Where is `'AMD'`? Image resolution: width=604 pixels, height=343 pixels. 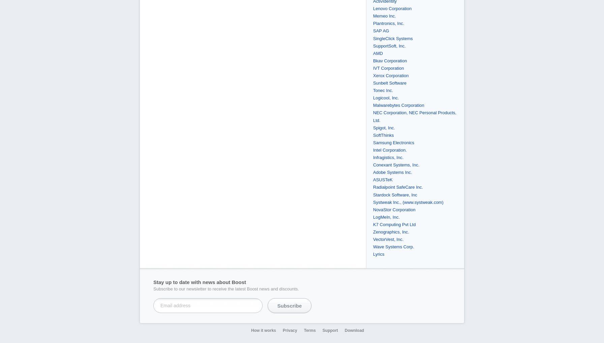
'AMD' is located at coordinates (378, 53).